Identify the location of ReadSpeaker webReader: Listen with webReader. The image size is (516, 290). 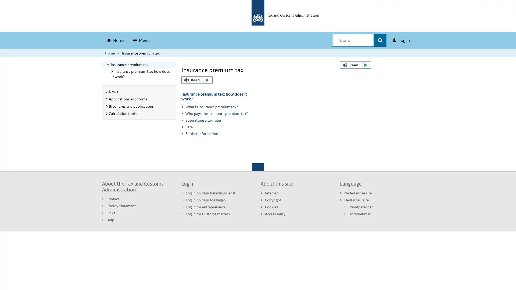
(356, 65).